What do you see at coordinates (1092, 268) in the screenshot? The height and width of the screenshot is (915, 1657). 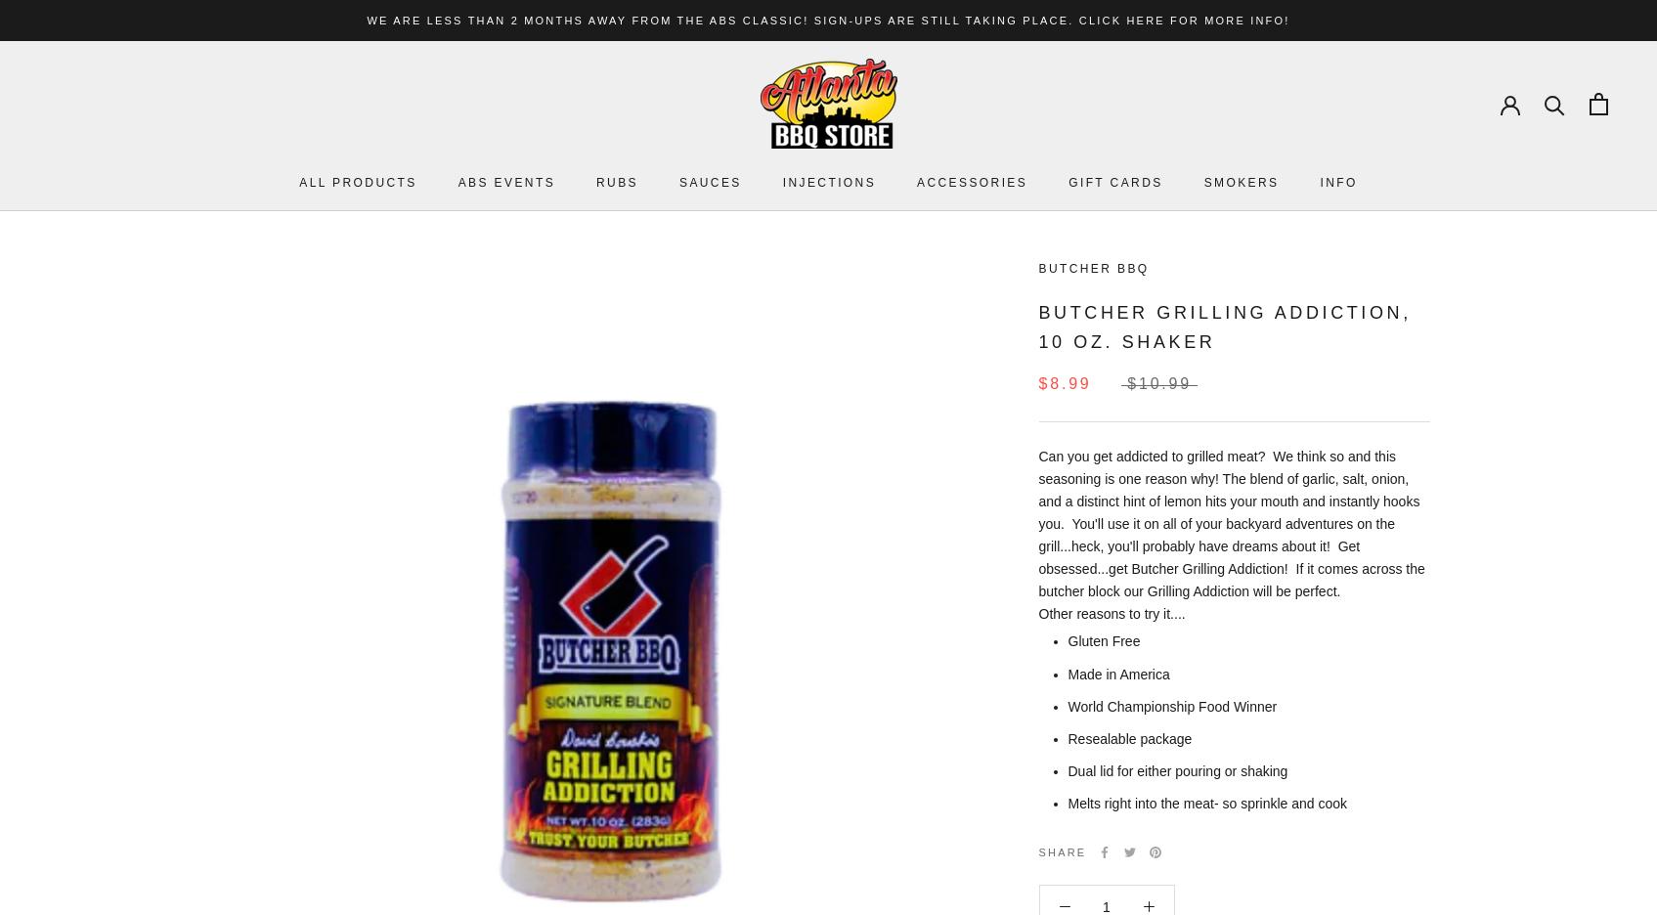 I see `'Butcher BBQ'` at bounding box center [1092, 268].